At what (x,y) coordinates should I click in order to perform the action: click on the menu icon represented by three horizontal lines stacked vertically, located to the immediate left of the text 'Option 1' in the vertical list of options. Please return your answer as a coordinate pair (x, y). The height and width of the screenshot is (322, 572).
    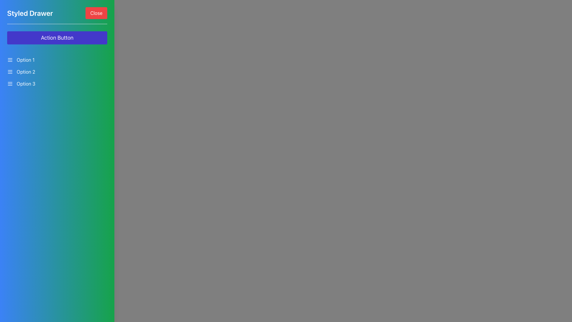
    Looking at the image, I should click on (10, 60).